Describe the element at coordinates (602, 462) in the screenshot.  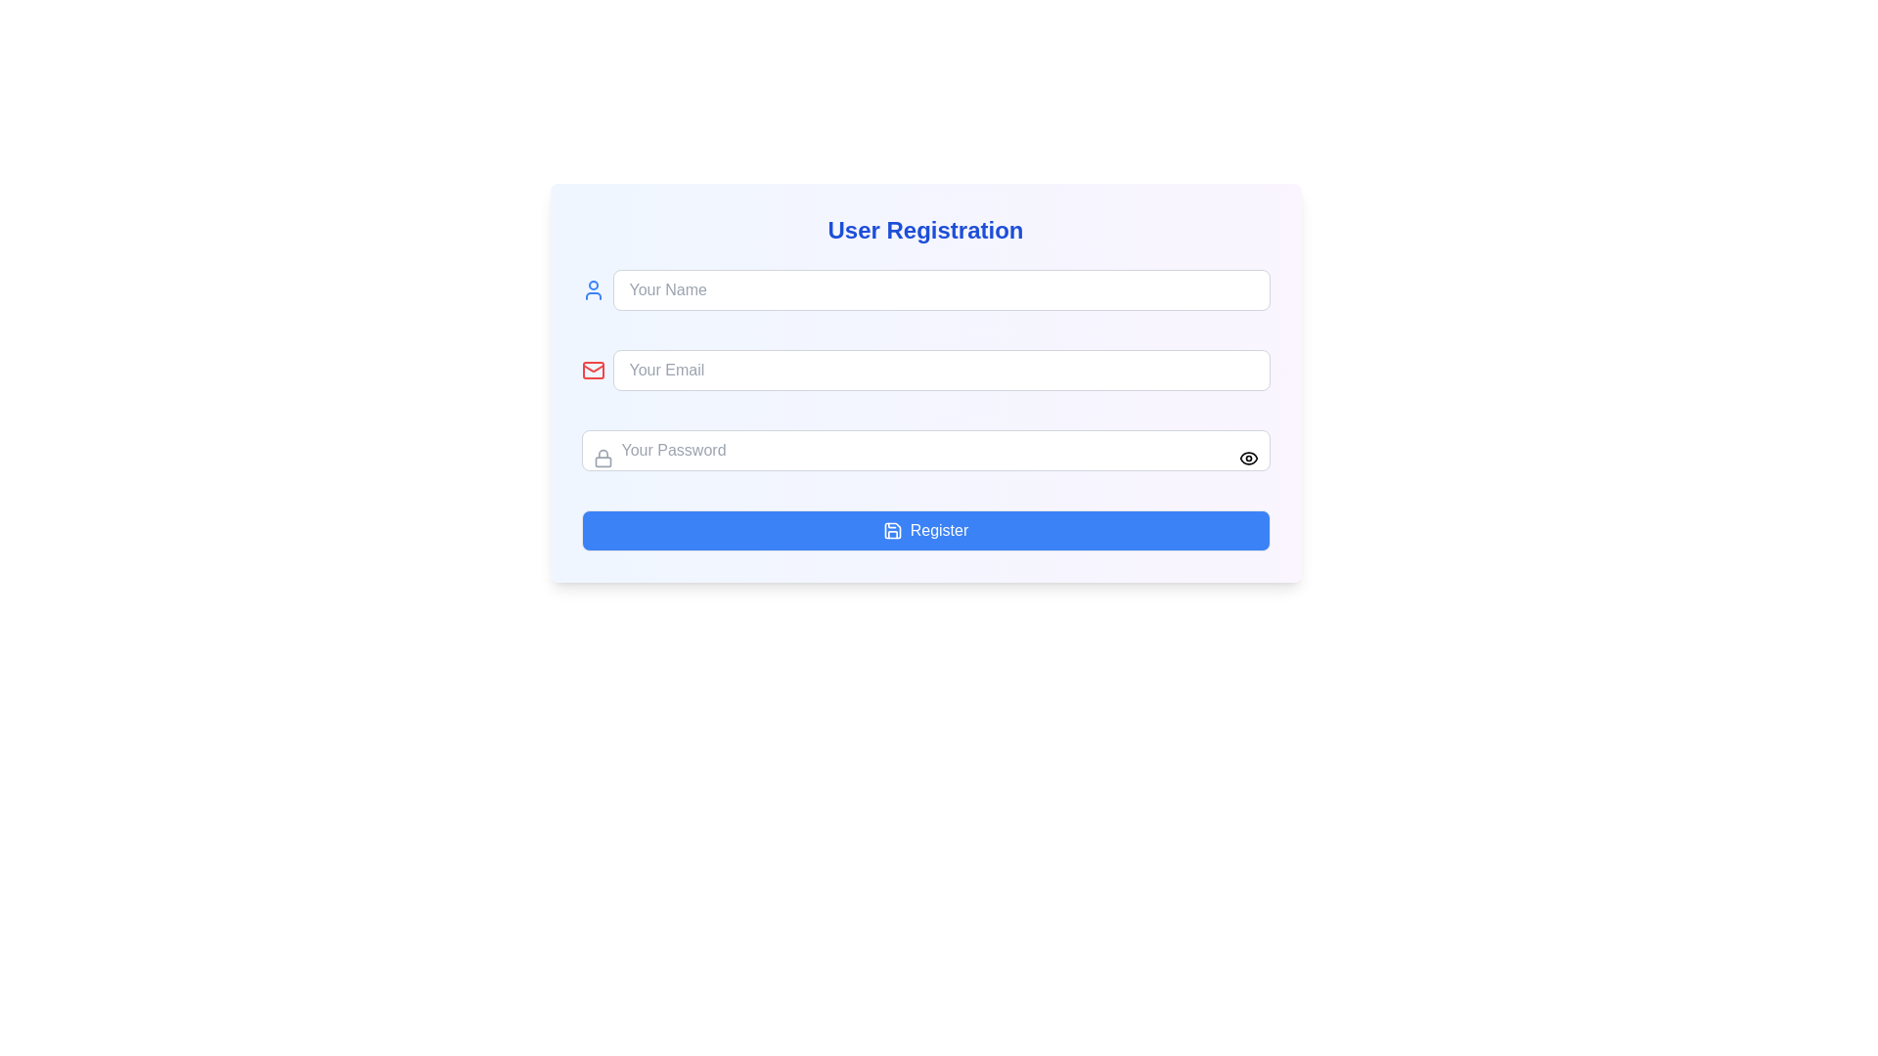
I see `the rectangular SVG element forming the lock body, which is part of the lock-shaped icon located to the left of the 'Your Password' input field` at that location.